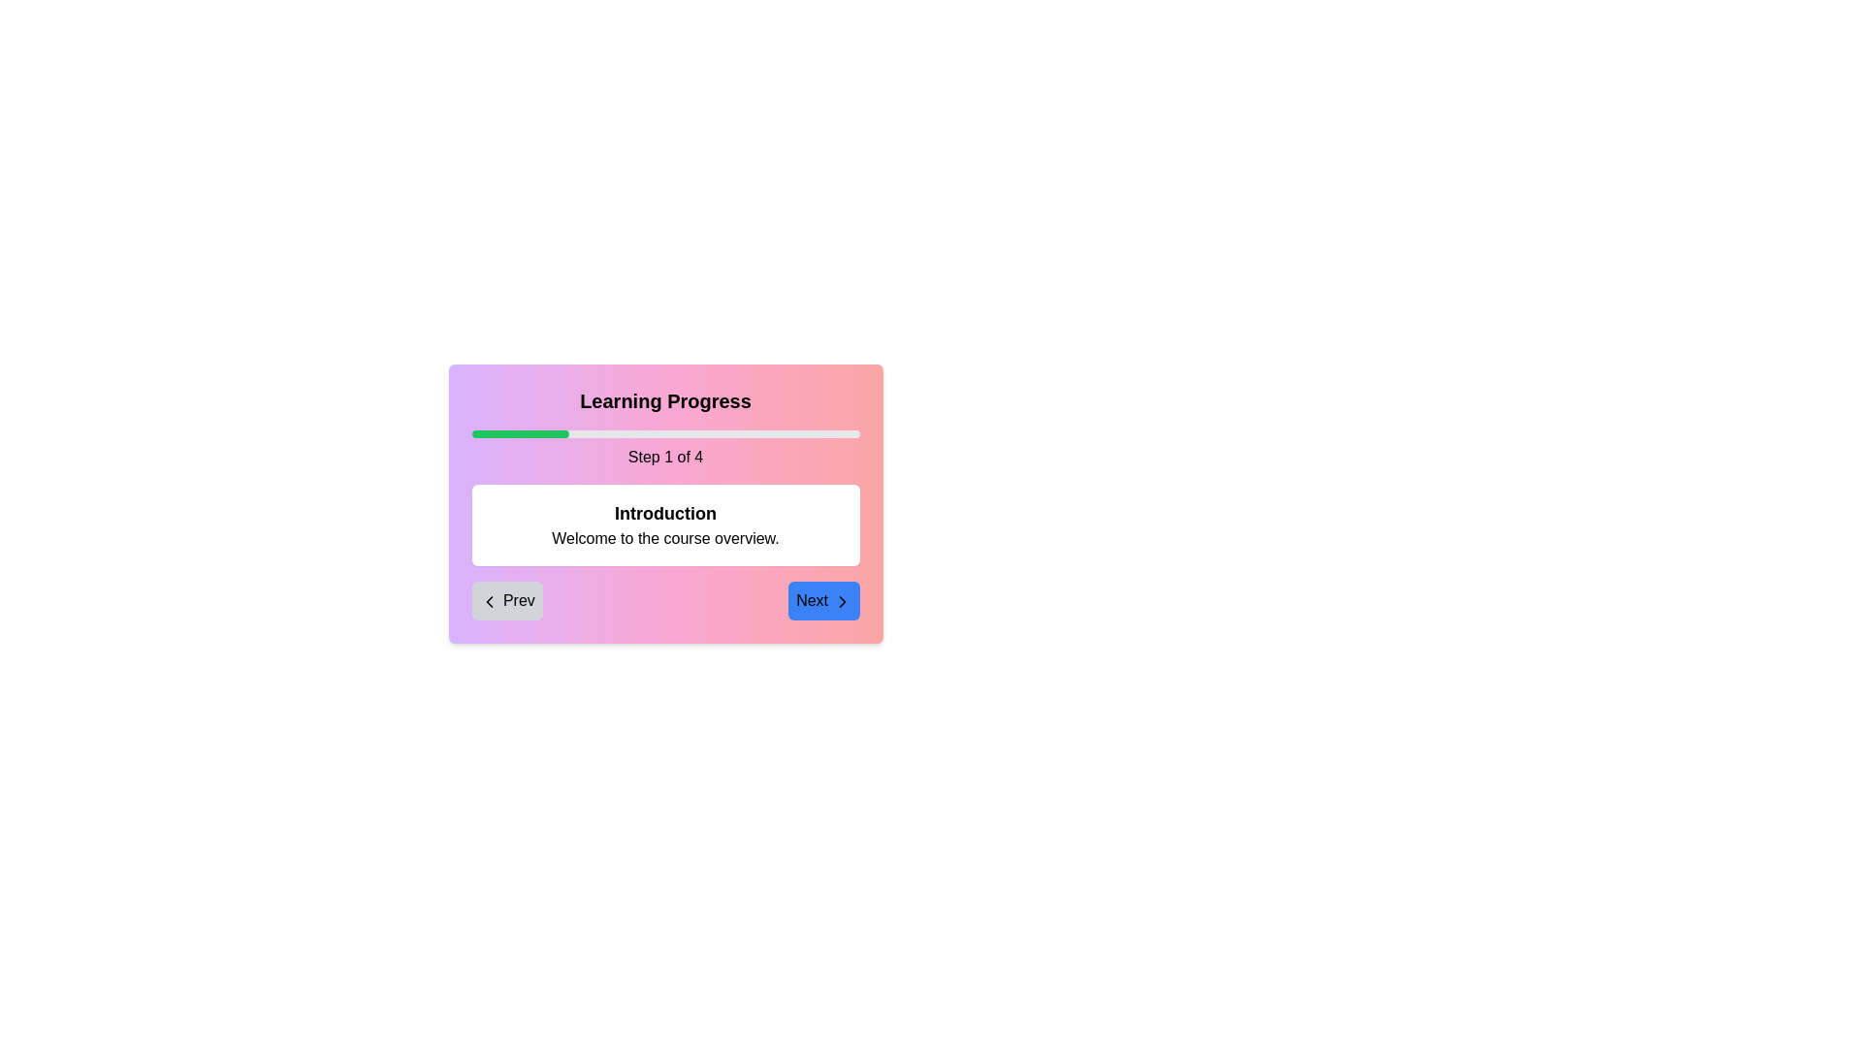  Describe the element at coordinates (842, 600) in the screenshot. I see `the arrow icon located at the bottom-right corner of the interface, adjacent to the 'Next' label` at that location.